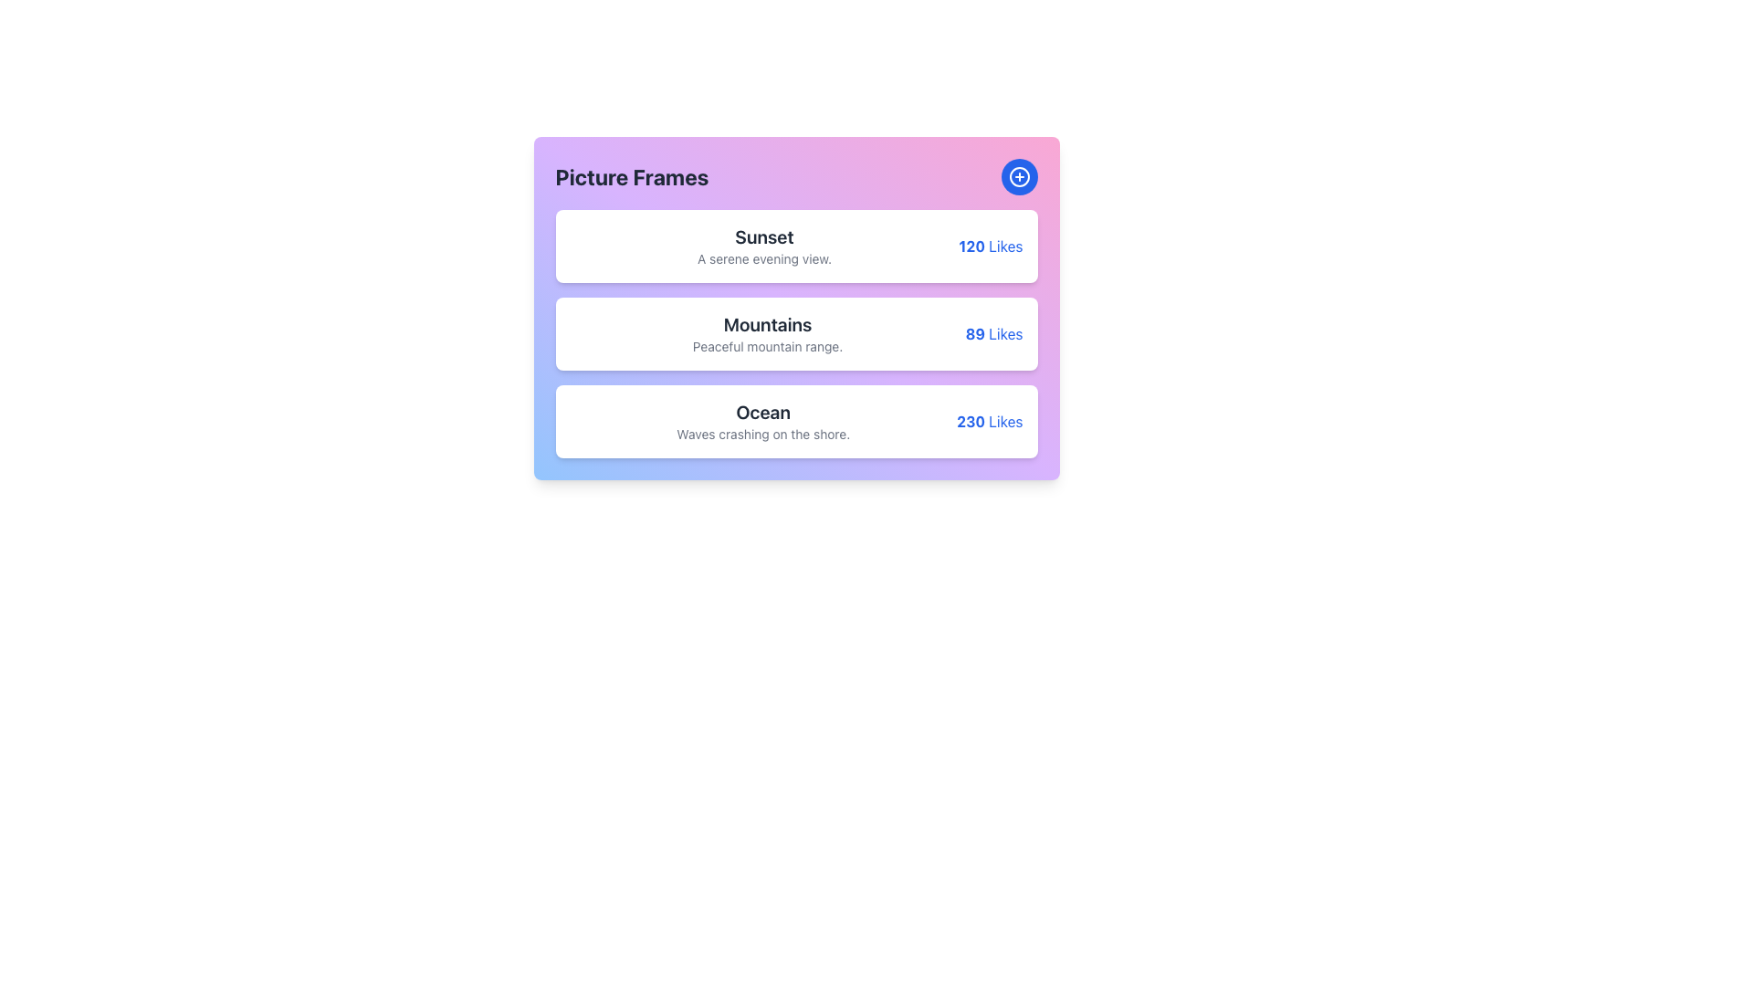 The image size is (1753, 986). I want to click on the Composite Text Element titled 'Sunset' that contains the description 'A serene evening view.' This element is visually distinct with a bold title and is located in the top section of a vertically aligned list with a white background and rounded corners, so click(764, 246).